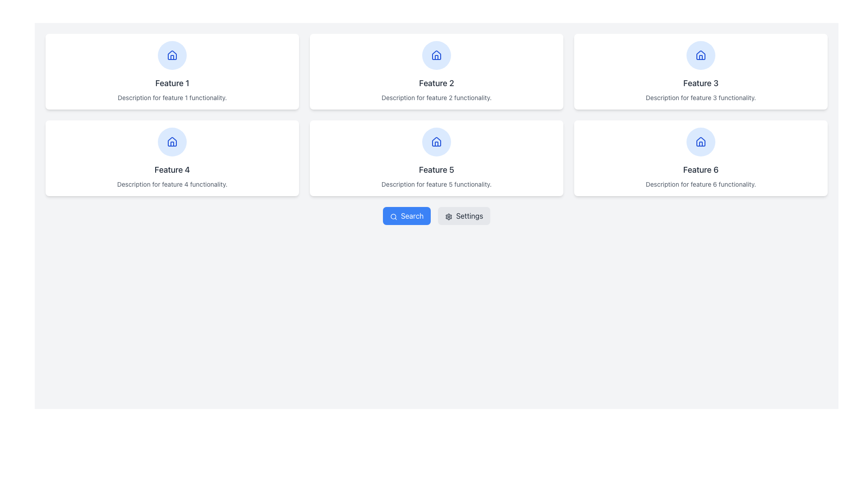  Describe the element at coordinates (437, 142) in the screenshot. I see `the Icon representing 'Feature 5' located in the upper section of the card labeled 'Feature 5'` at that location.